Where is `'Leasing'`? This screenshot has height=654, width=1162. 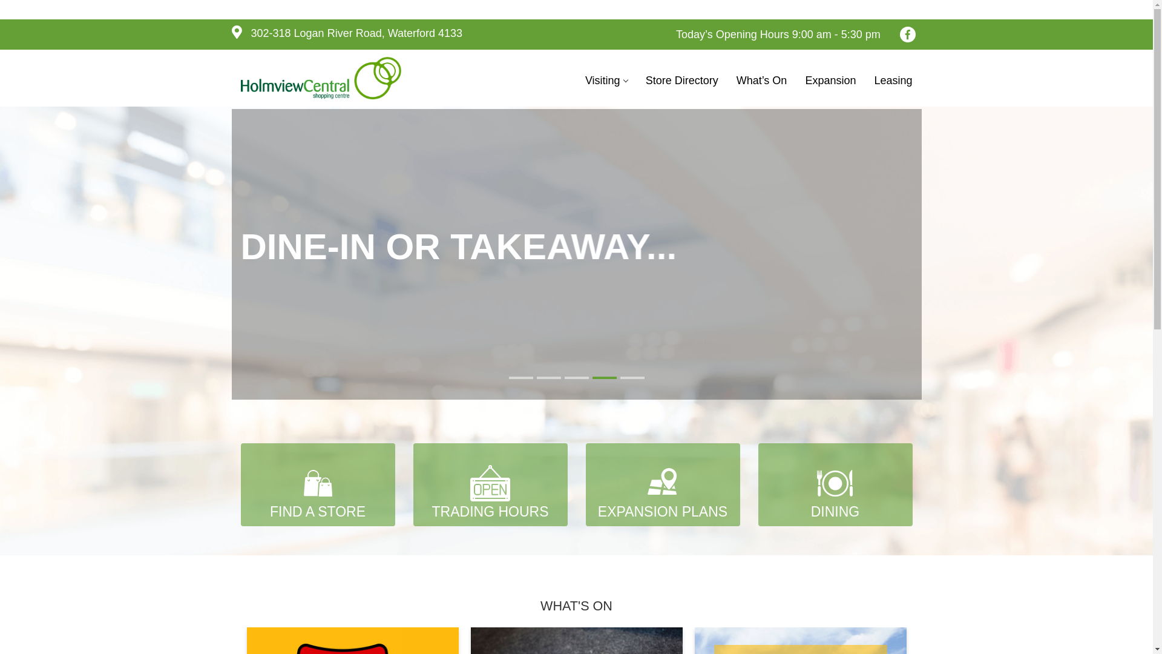 'Leasing' is located at coordinates (893, 79).